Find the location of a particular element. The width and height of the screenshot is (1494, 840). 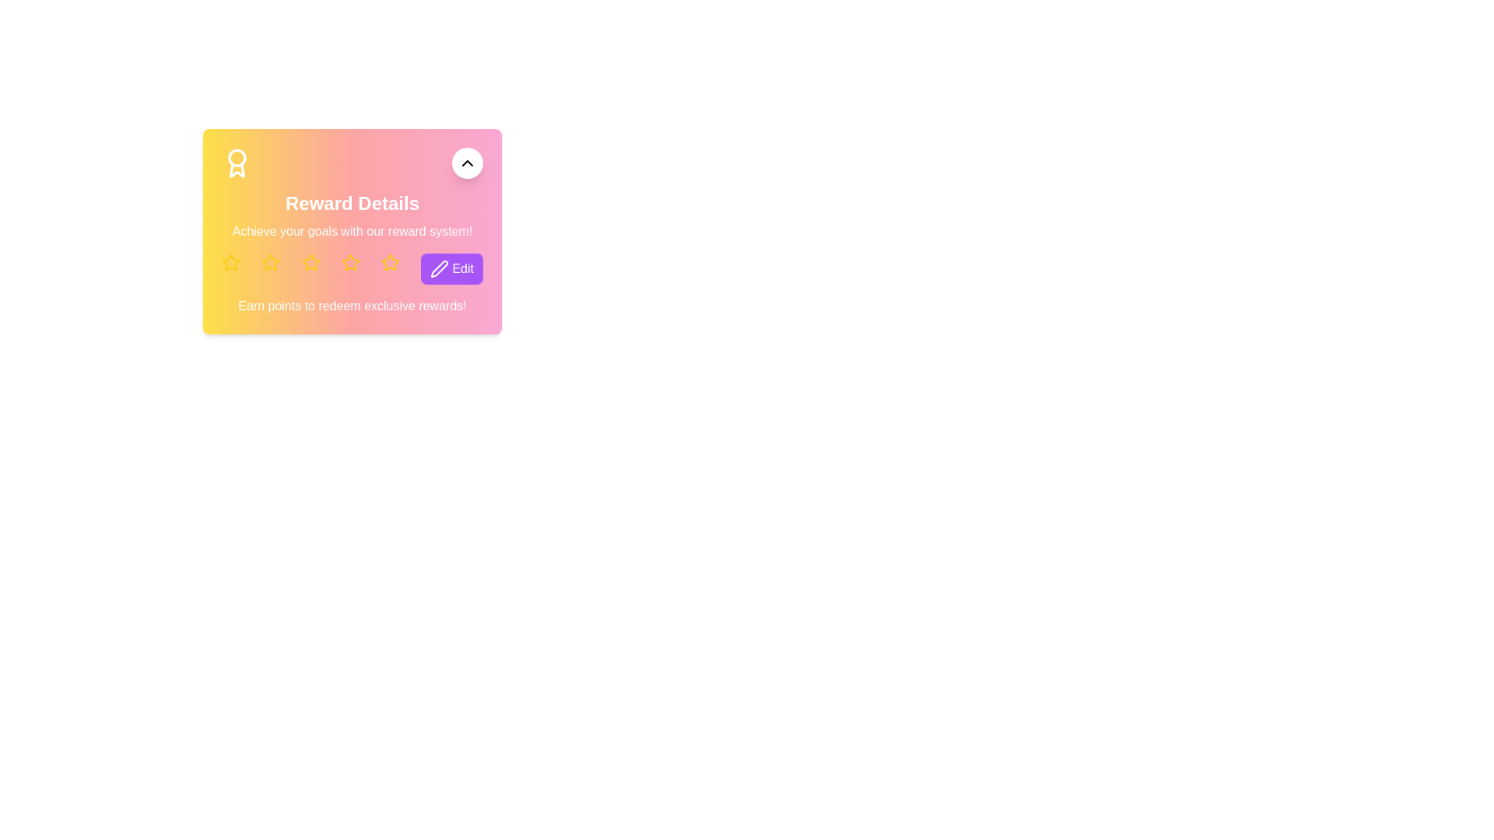

the 'Reward Details' Text Label, which is displayed in a bold, large white font with a gradient background transitioning from yellow to pink, positioned below the header section is located at coordinates (351, 203).